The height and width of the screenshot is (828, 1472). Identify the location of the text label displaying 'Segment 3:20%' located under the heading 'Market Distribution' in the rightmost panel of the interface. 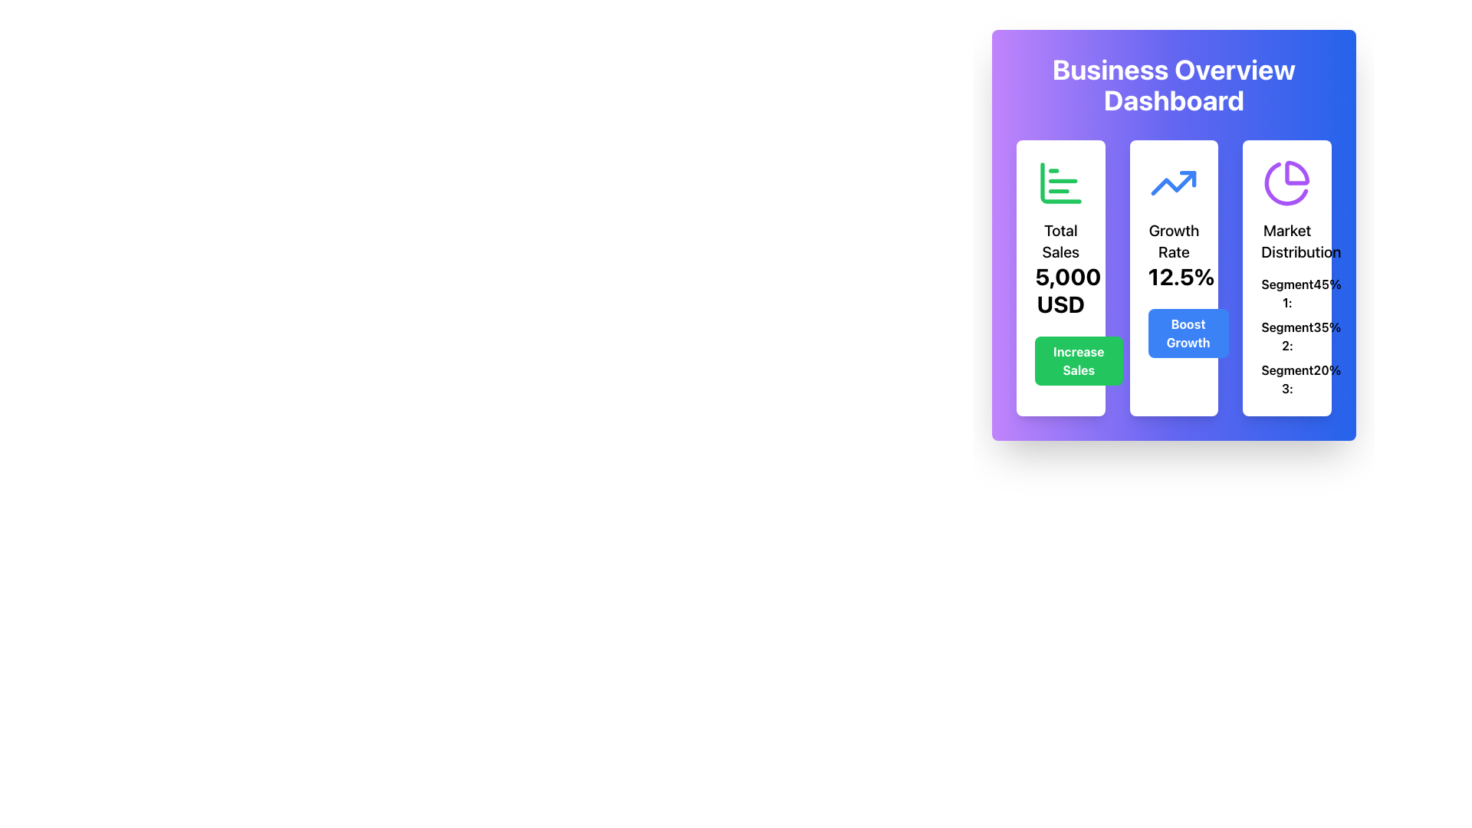
(1287, 379).